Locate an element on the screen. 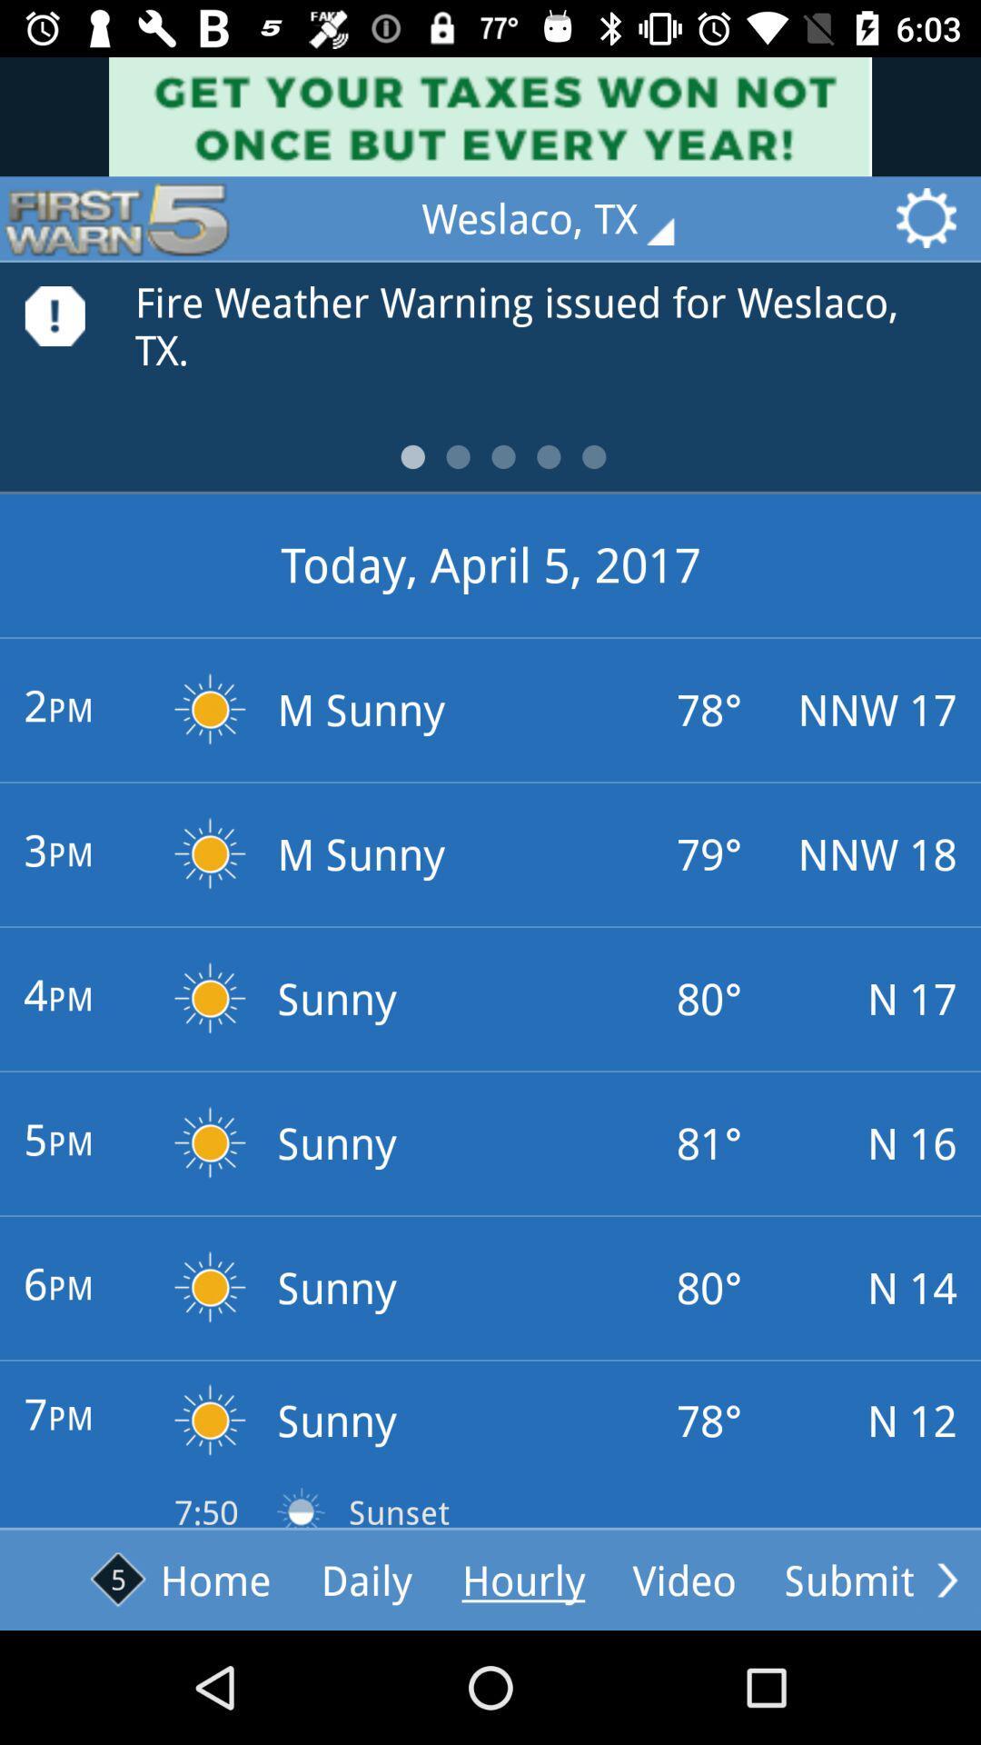 This screenshot has width=981, height=1745. sun icon right to 4pm text is located at coordinates (209, 1019).